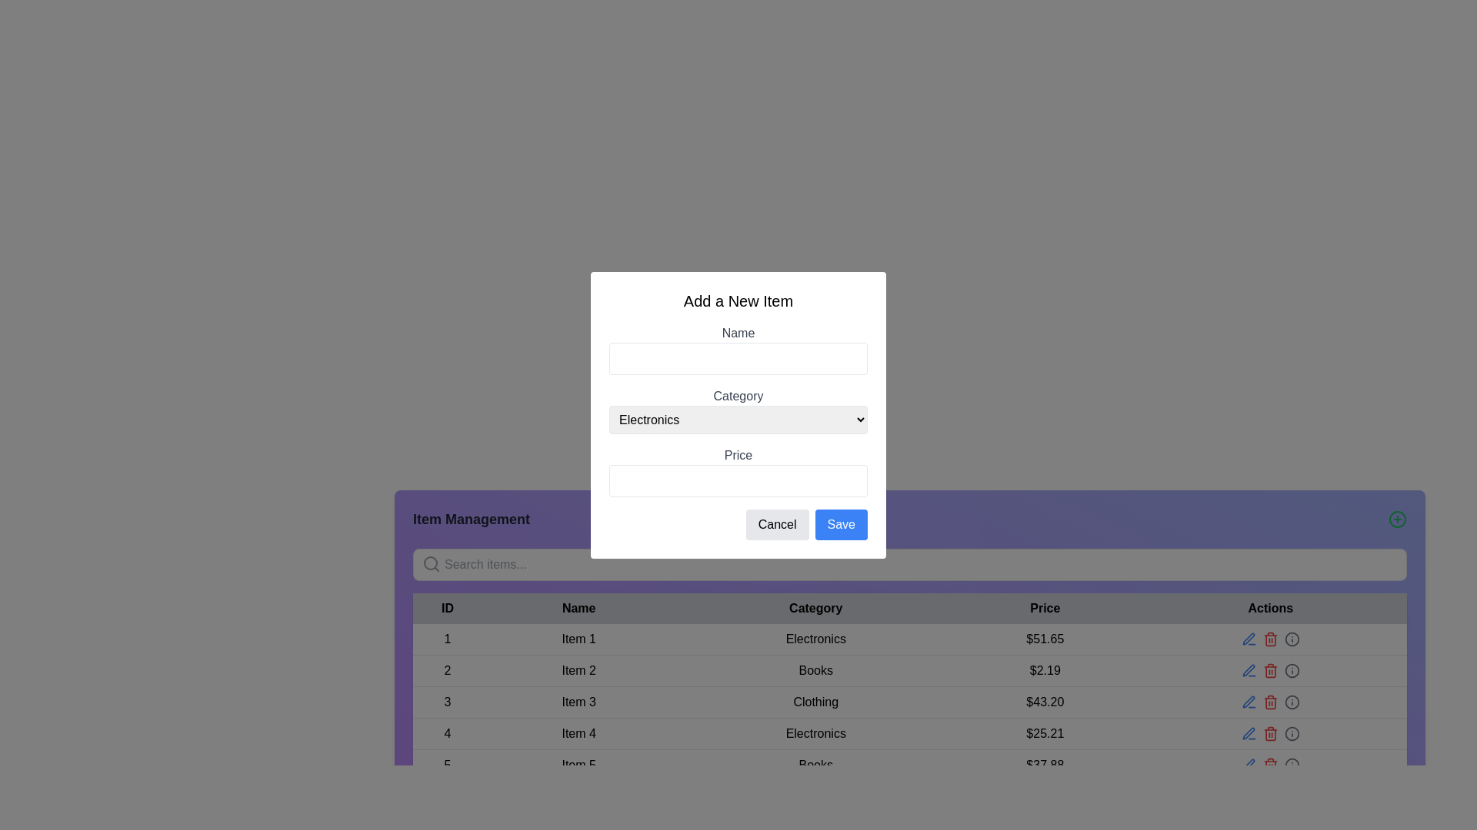 The height and width of the screenshot is (830, 1477). What do you see at coordinates (1292, 765) in the screenshot?
I see `the small circular 'info' icon styled as a button in the fifth row of the 'Actions' column, which is part of the 'Item Management' section` at bounding box center [1292, 765].